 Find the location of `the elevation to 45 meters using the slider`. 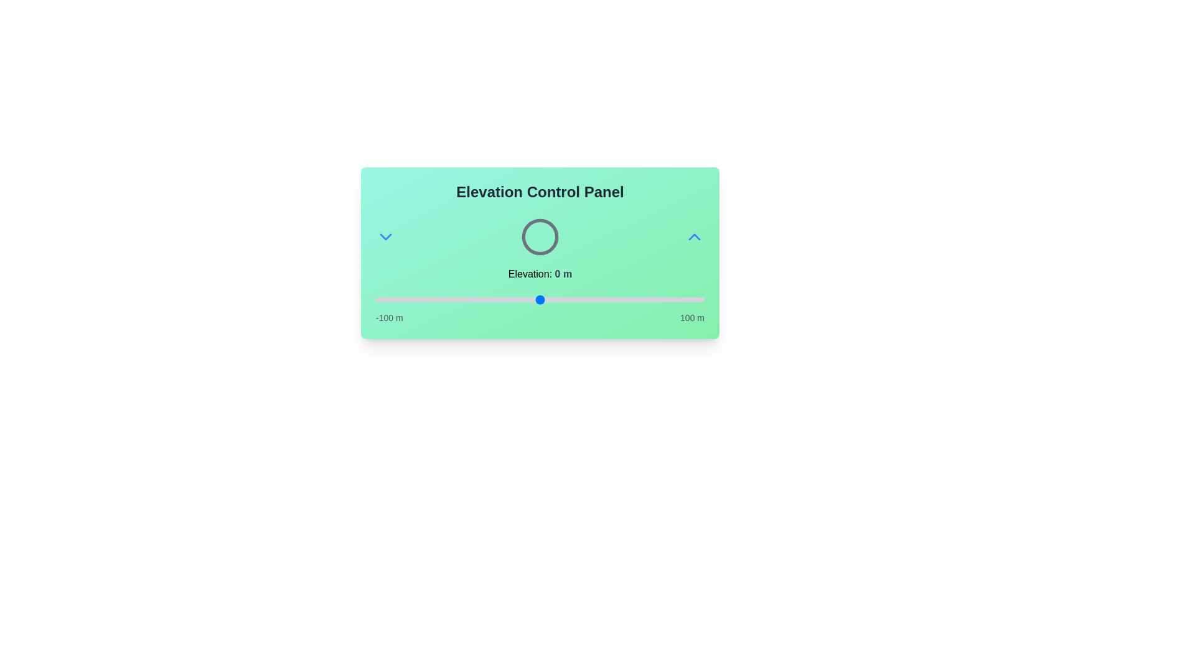

the elevation to 45 meters using the slider is located at coordinates (614, 300).